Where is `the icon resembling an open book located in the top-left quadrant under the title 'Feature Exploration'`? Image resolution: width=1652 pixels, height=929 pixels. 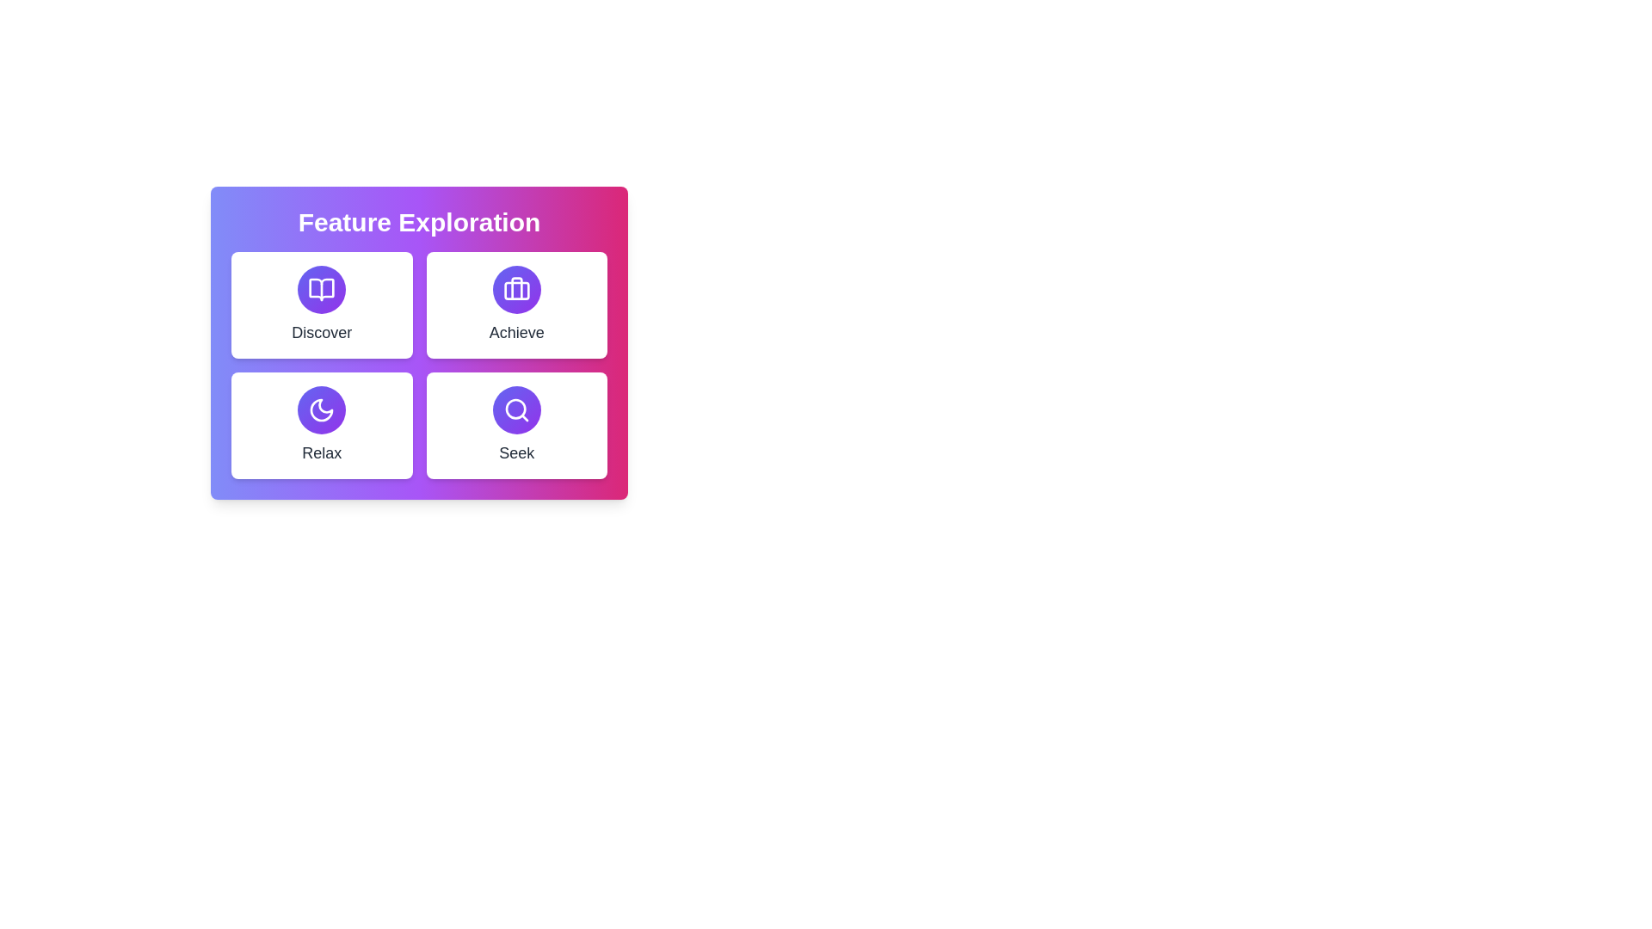 the icon resembling an open book located in the top-left quadrant under the title 'Feature Exploration' is located at coordinates (322, 288).